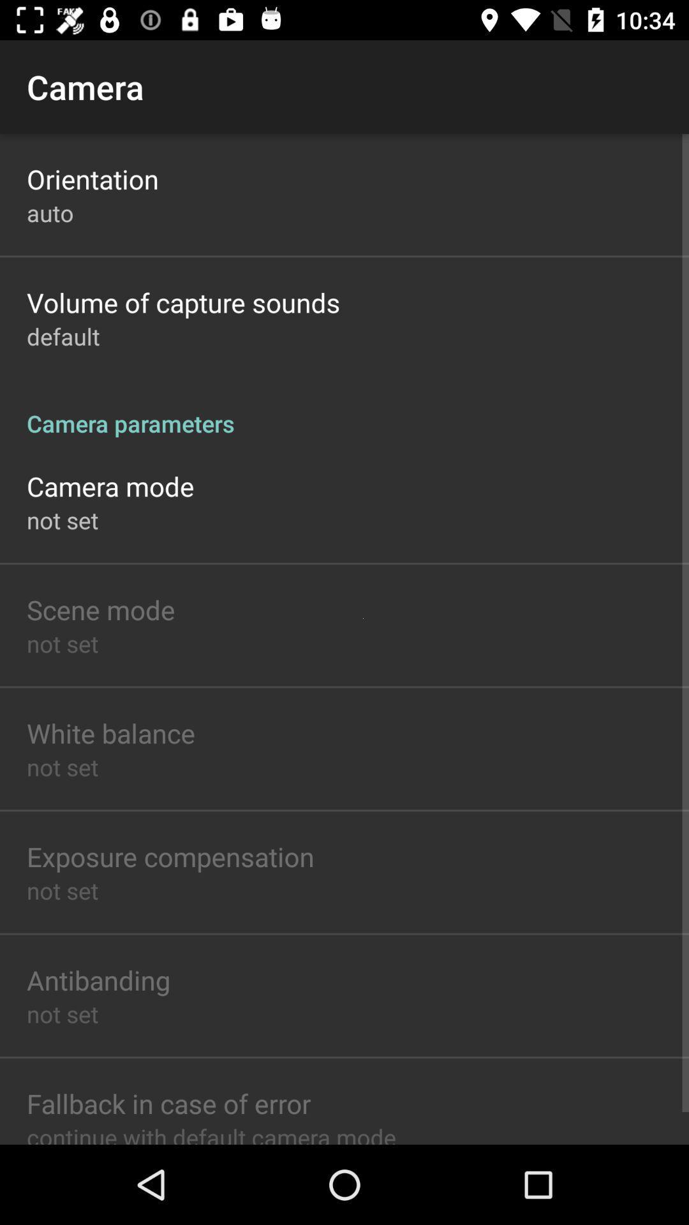  I want to click on the fallback in case app, so click(168, 1102).